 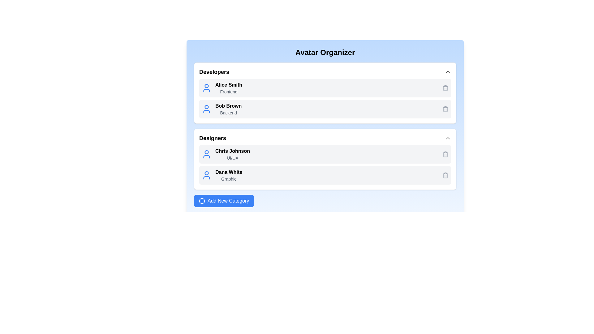 What do you see at coordinates (206, 175) in the screenshot?
I see `the outlined user profile icon, which is located in the 'Designers' section to the left of the text 'Dana White' and 'Graphic'` at bounding box center [206, 175].